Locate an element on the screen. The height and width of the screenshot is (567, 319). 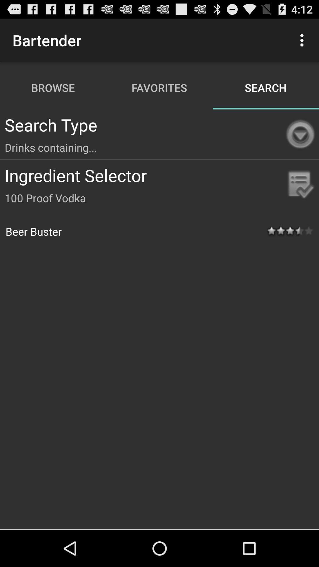
the icon above the search is located at coordinates (303, 40).